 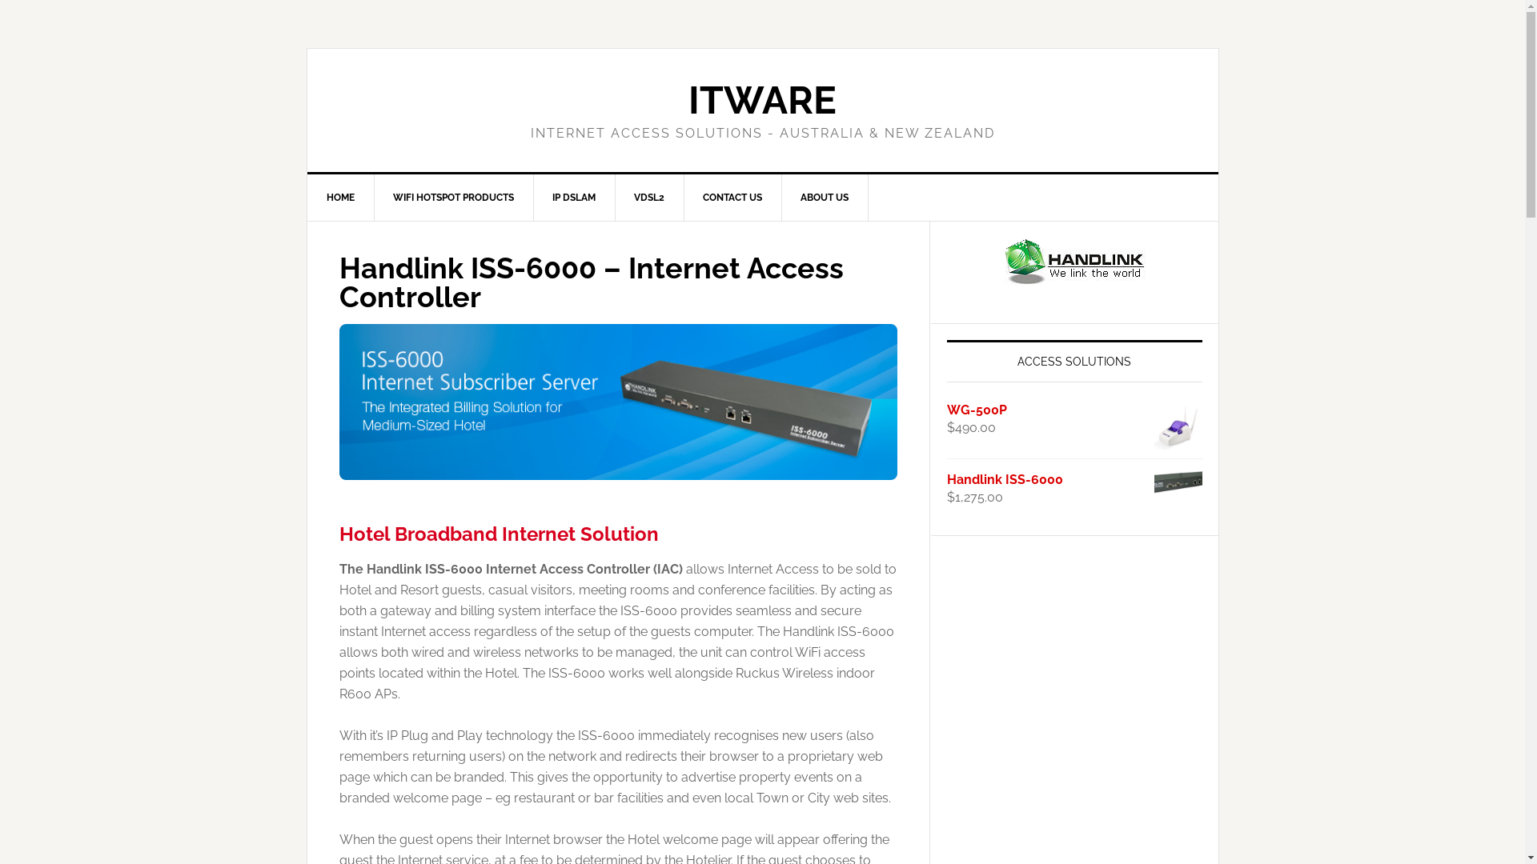 What do you see at coordinates (452, 196) in the screenshot?
I see `'WIFI HOTSPOT PRODUCTS'` at bounding box center [452, 196].